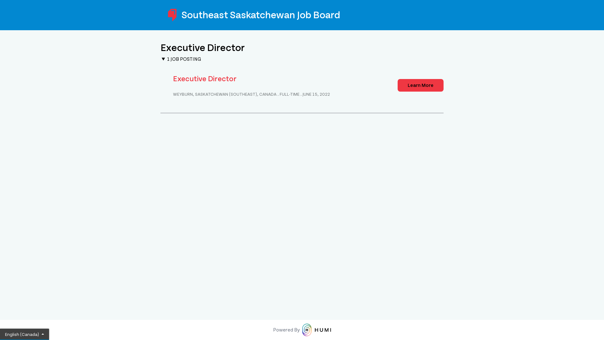 The height and width of the screenshot is (340, 604). What do you see at coordinates (302, 330) in the screenshot?
I see `'Powered By'` at bounding box center [302, 330].